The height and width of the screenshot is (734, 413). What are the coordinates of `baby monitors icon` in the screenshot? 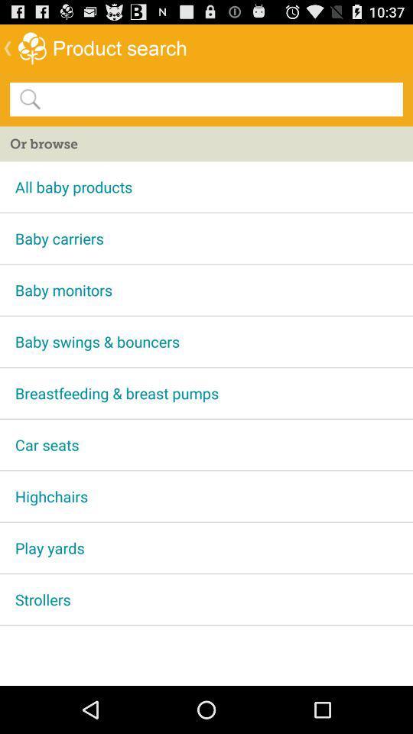 It's located at (206, 289).